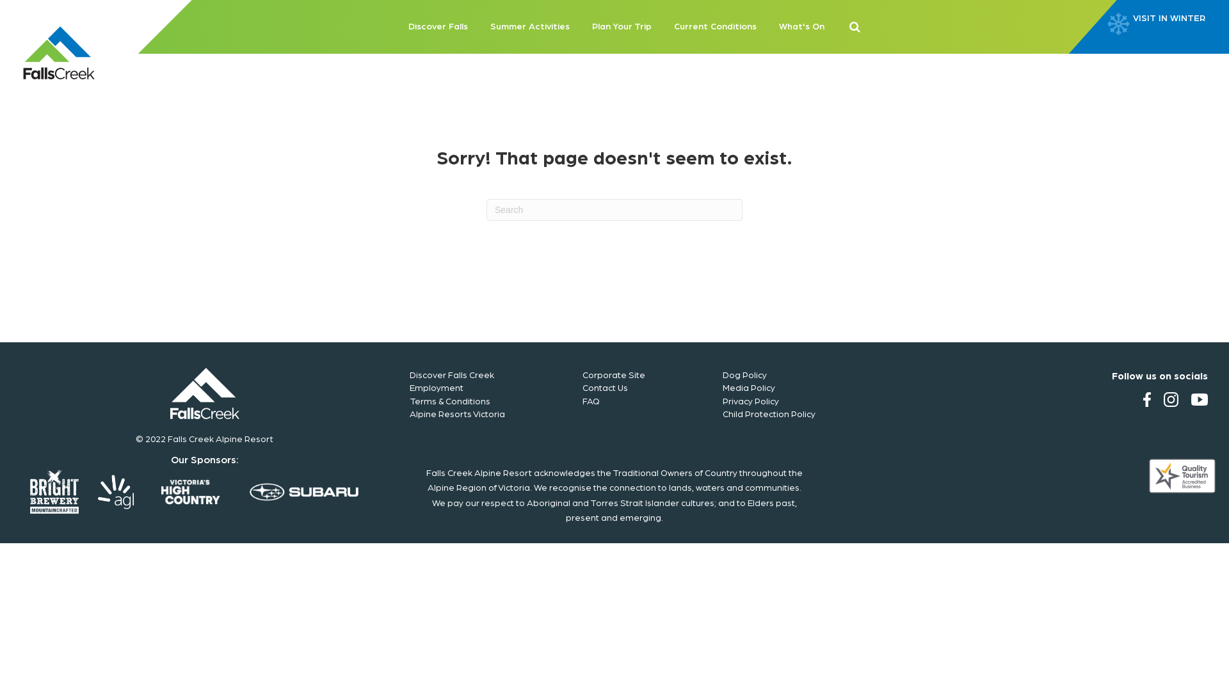 The height and width of the screenshot is (691, 1229). Describe the element at coordinates (749, 386) in the screenshot. I see `'Media Policy'` at that location.